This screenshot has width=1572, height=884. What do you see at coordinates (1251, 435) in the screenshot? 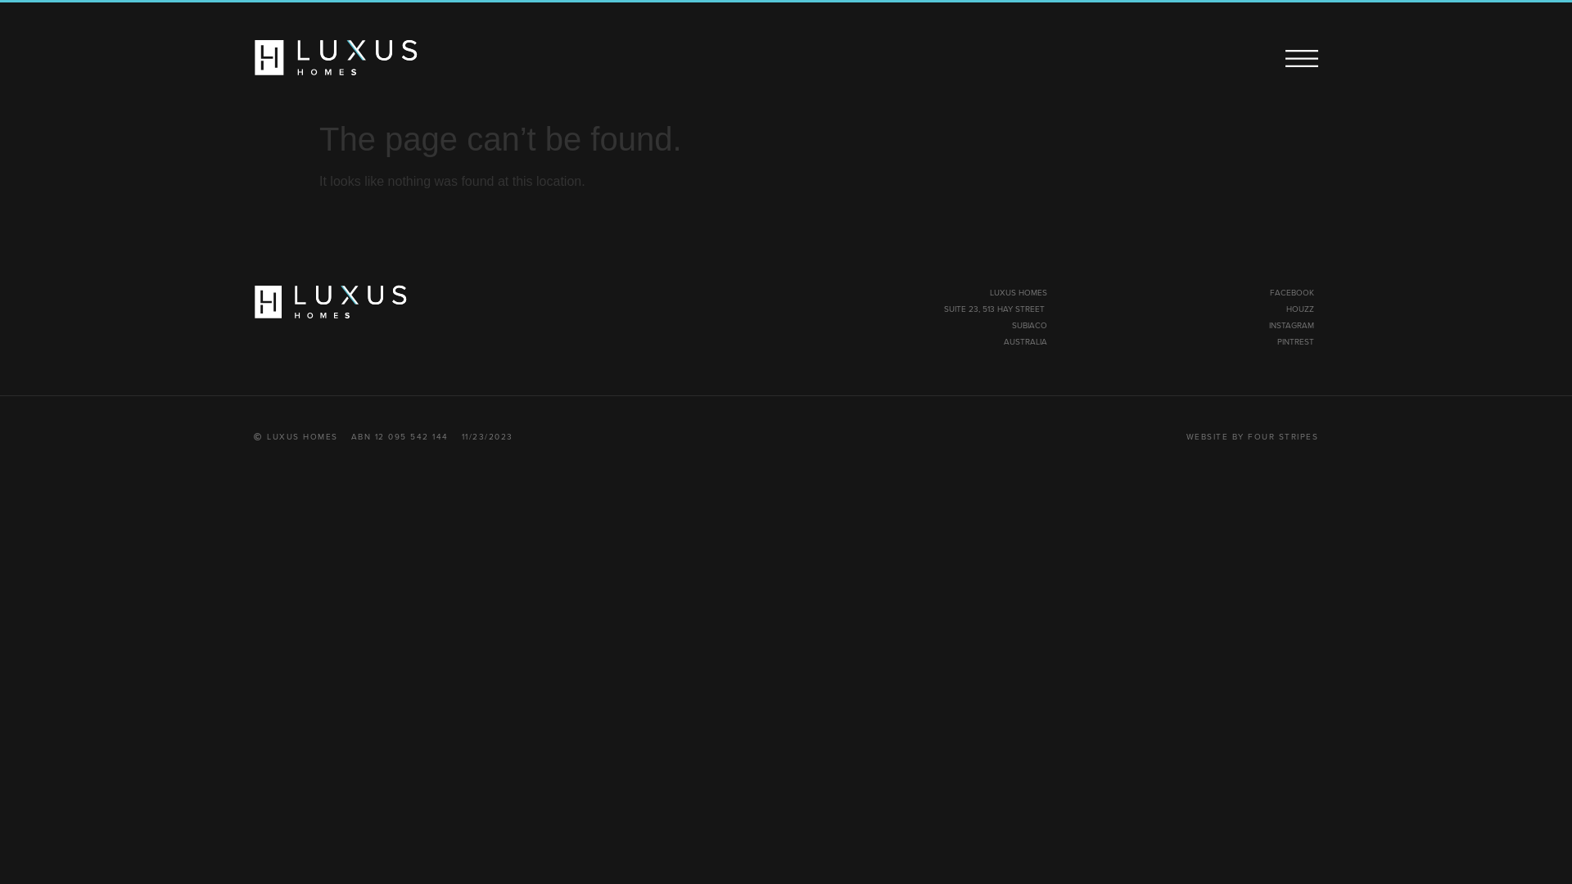
I see `'WEBSITE BY FOUR STRIPES'` at bounding box center [1251, 435].